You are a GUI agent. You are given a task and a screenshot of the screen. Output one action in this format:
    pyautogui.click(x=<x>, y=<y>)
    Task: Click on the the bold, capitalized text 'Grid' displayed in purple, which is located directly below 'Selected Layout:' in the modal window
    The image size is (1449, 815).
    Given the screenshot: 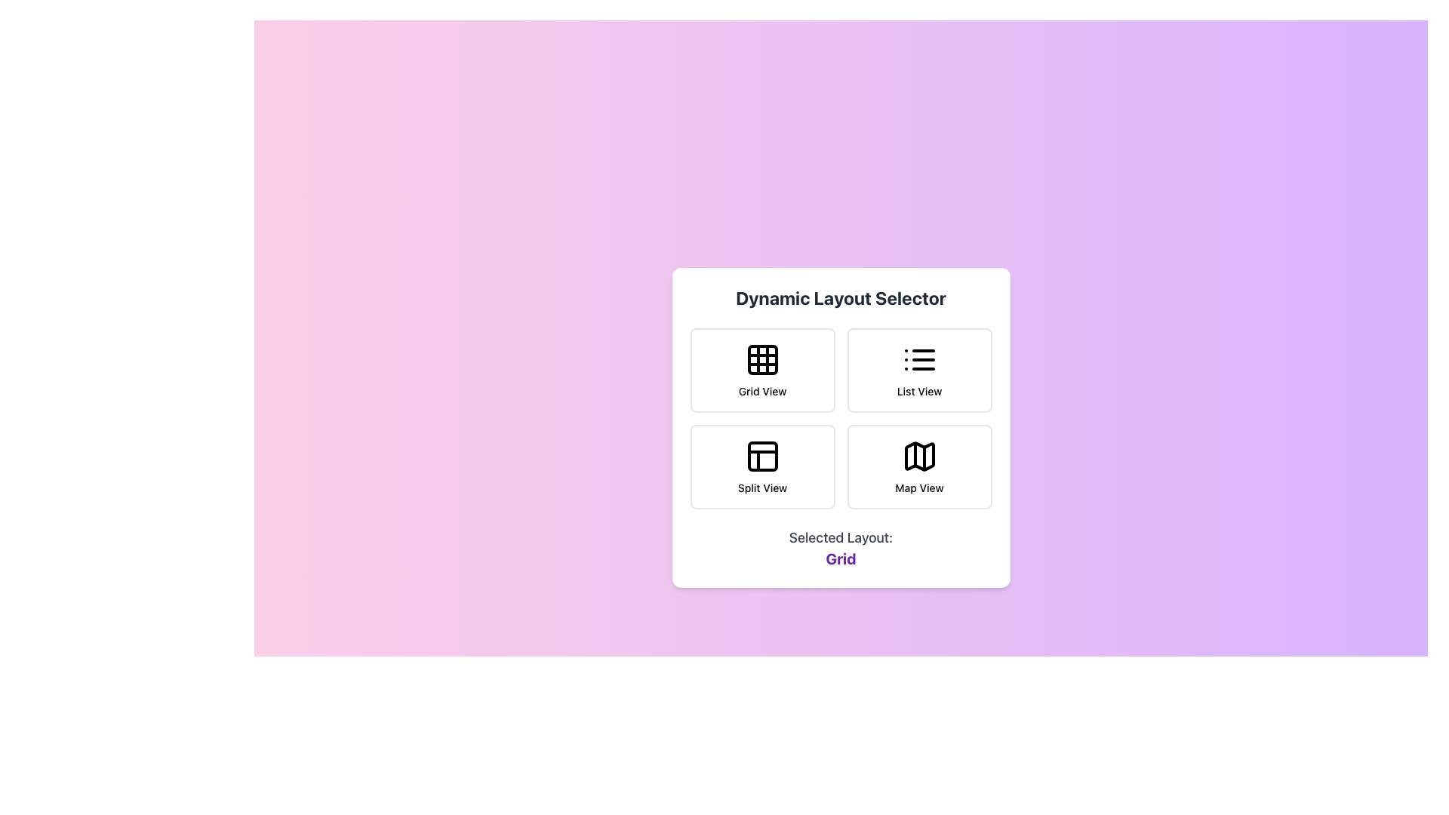 What is the action you would take?
    pyautogui.click(x=840, y=558)
    